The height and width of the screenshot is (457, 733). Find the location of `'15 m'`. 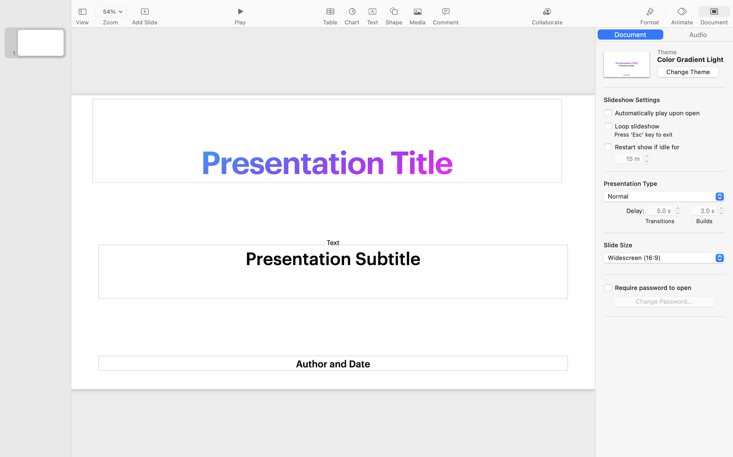

'15 m' is located at coordinates (628, 158).